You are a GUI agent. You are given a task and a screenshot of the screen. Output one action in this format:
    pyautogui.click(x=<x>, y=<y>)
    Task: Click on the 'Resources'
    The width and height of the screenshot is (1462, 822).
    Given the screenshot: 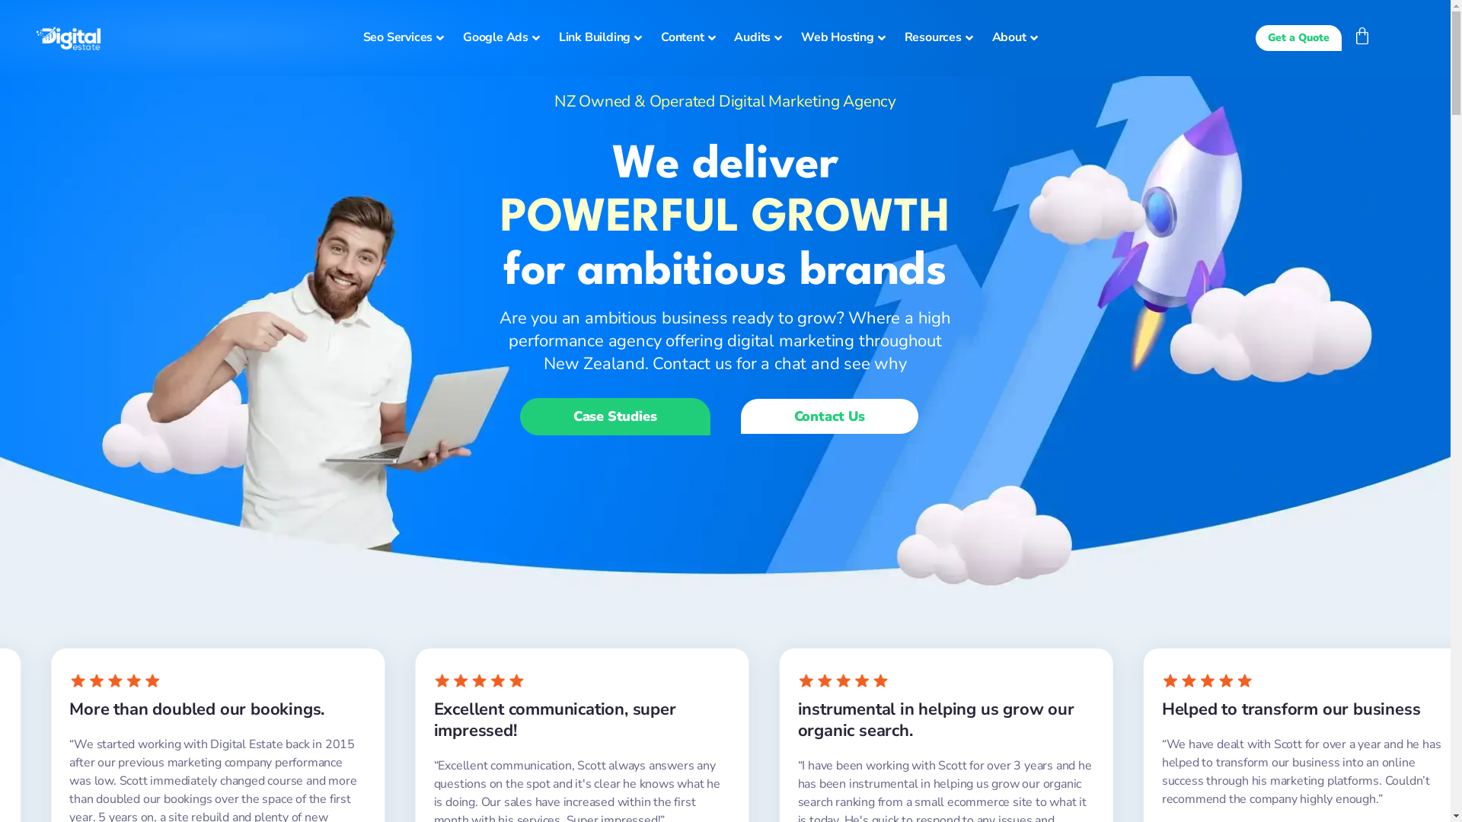 What is the action you would take?
    pyautogui.click(x=940, y=37)
    